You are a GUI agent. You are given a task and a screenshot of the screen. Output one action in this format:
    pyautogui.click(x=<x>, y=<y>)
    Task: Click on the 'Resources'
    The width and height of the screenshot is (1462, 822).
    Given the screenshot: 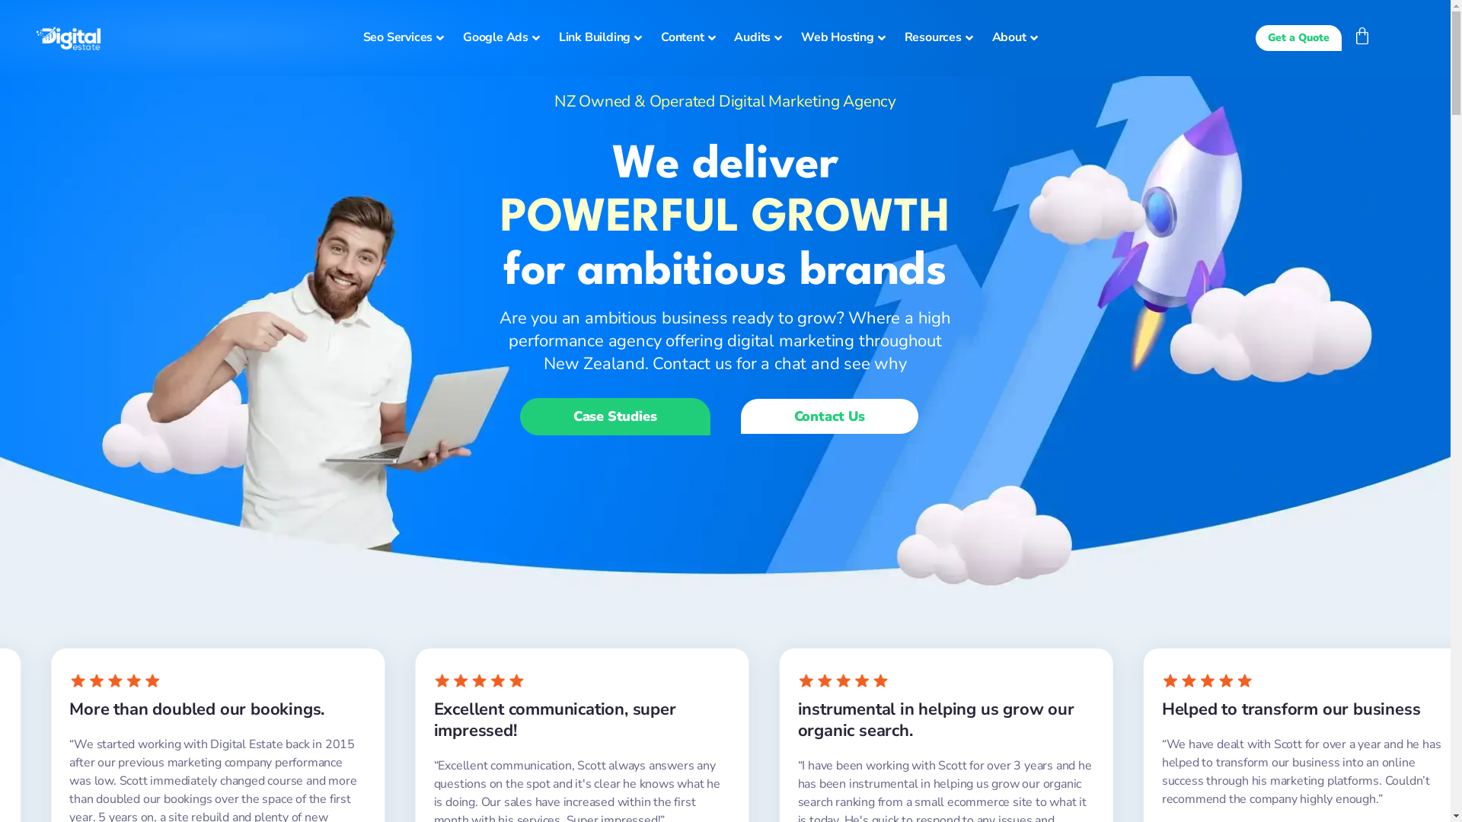 What is the action you would take?
    pyautogui.click(x=940, y=37)
    